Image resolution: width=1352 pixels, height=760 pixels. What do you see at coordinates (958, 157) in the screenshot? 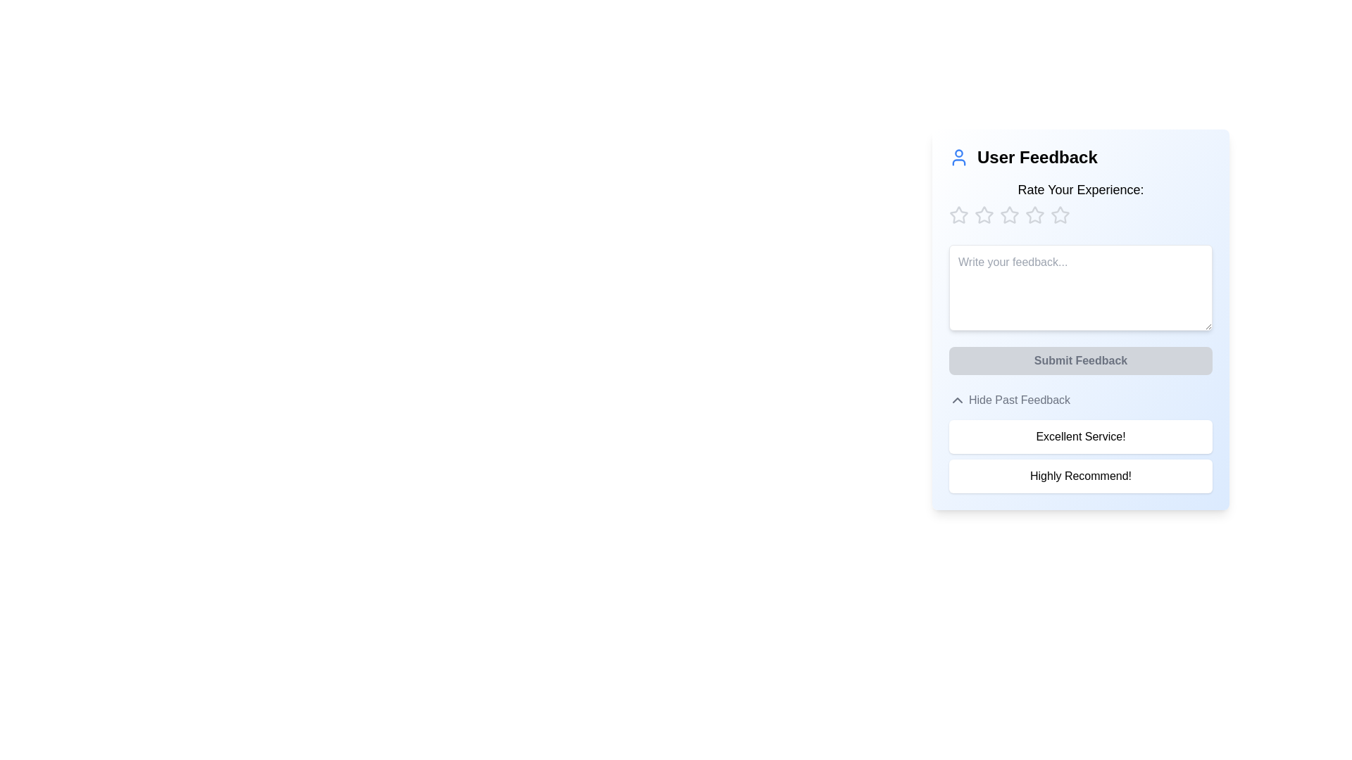
I see `the blue user icon representing a profile located in the header section of the feedback form, immediately to the left of the text 'User Feedback.'` at bounding box center [958, 157].